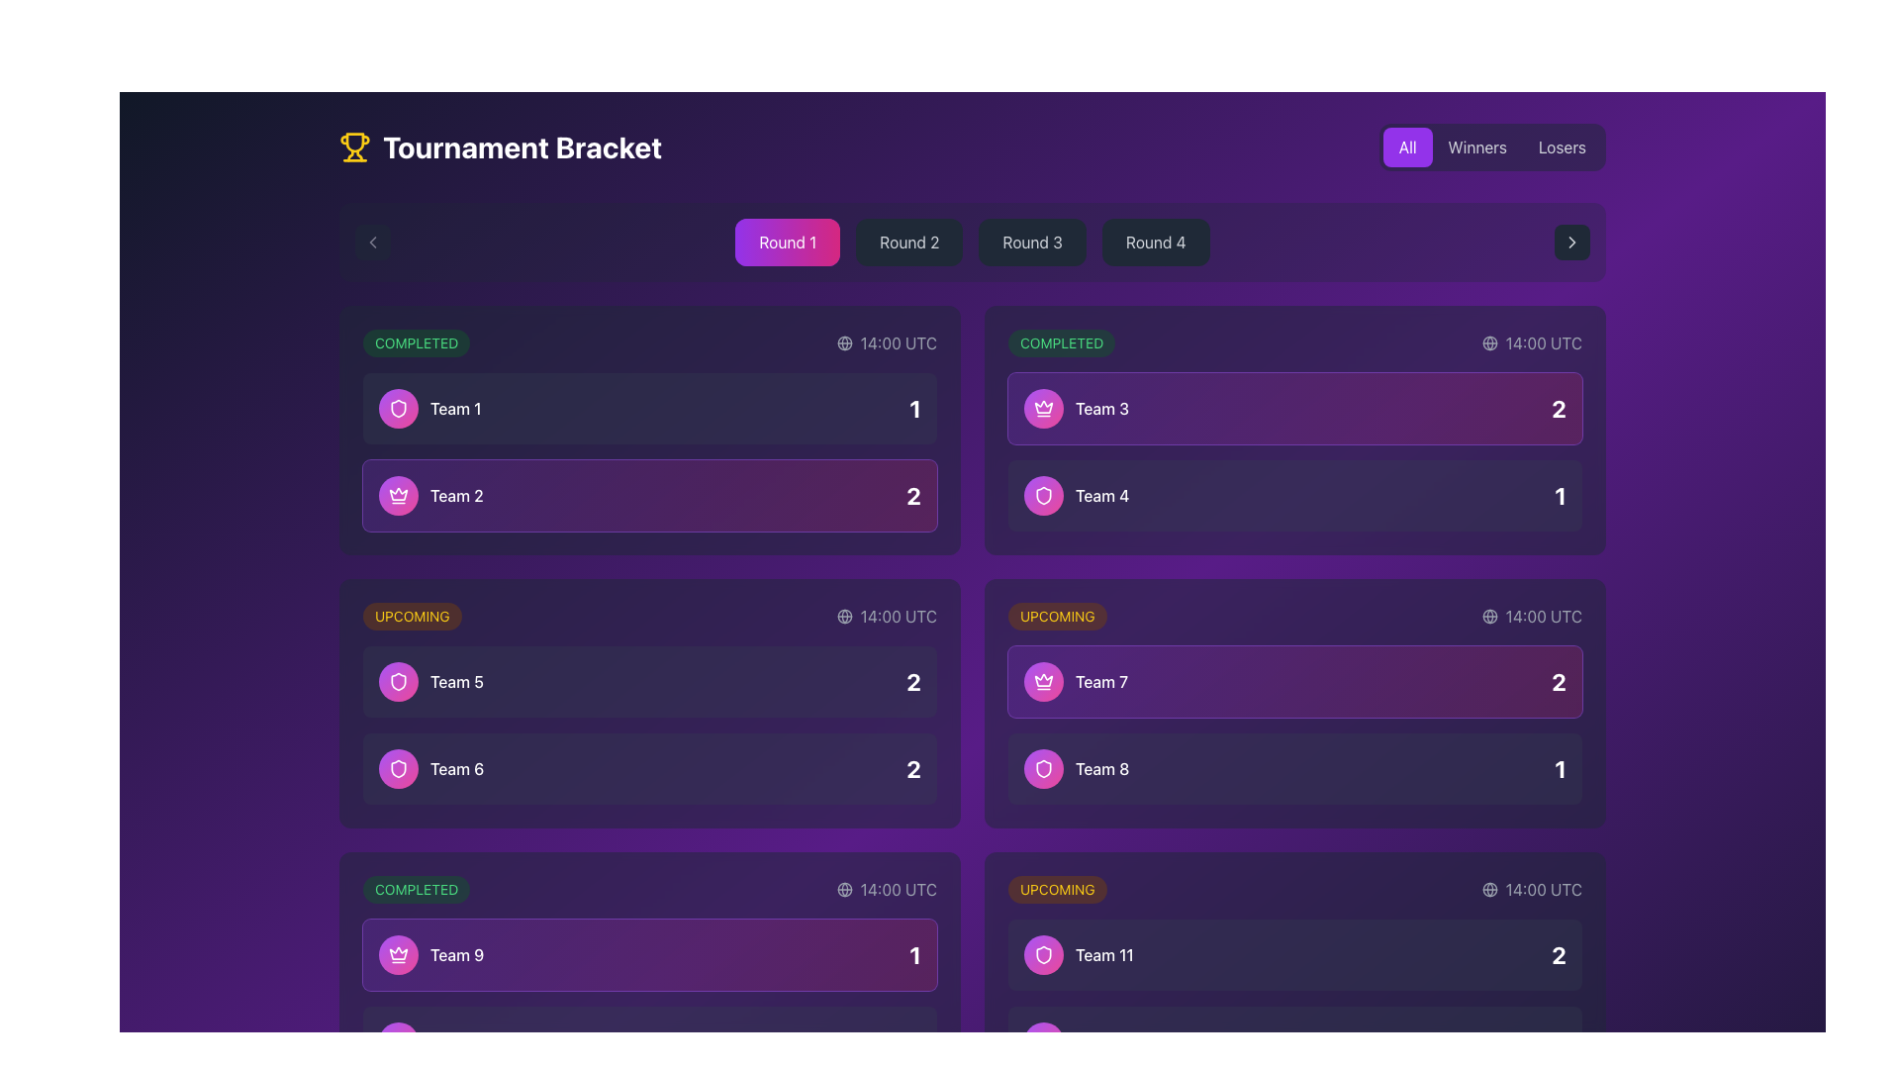 The height and width of the screenshot is (1069, 1900). Describe the element at coordinates (1406, 146) in the screenshot. I see `the purple button labeled 'All' with white text` at that location.